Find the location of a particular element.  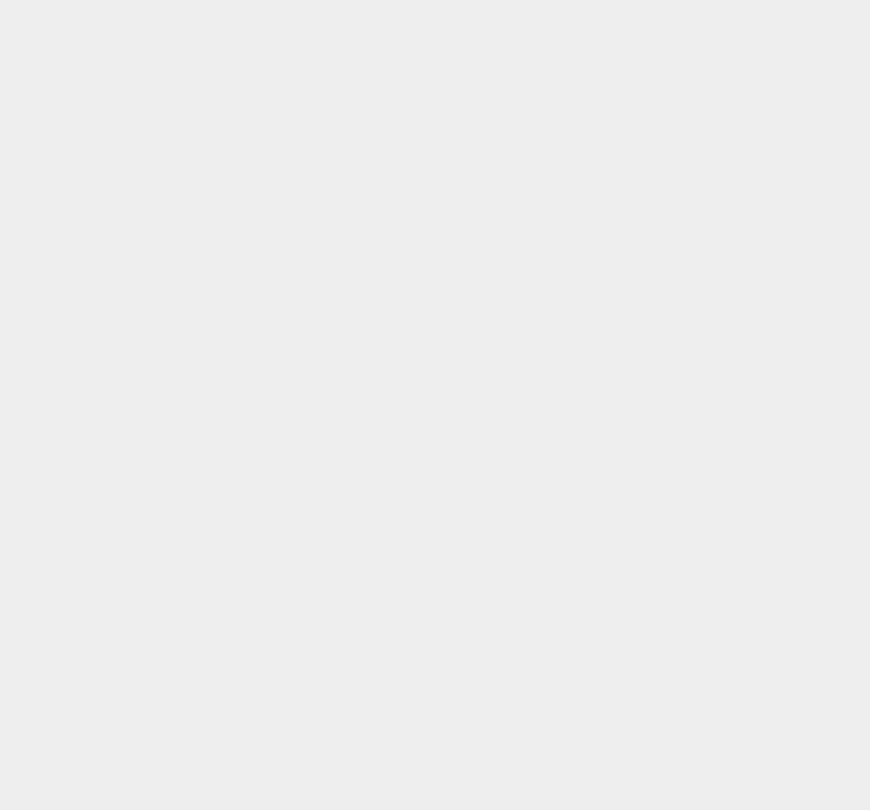

'iPad Siri' is located at coordinates (633, 625).